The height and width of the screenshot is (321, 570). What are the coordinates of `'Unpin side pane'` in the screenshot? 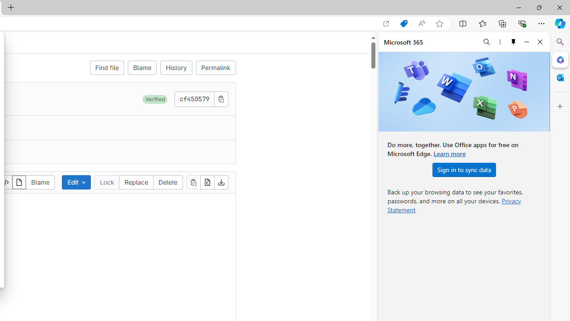 It's located at (513, 41).